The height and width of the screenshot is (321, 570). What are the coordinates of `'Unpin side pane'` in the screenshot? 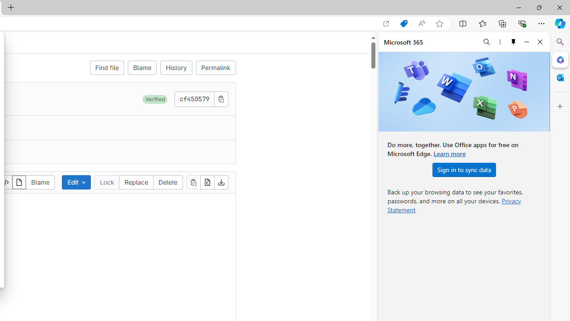 It's located at (513, 41).